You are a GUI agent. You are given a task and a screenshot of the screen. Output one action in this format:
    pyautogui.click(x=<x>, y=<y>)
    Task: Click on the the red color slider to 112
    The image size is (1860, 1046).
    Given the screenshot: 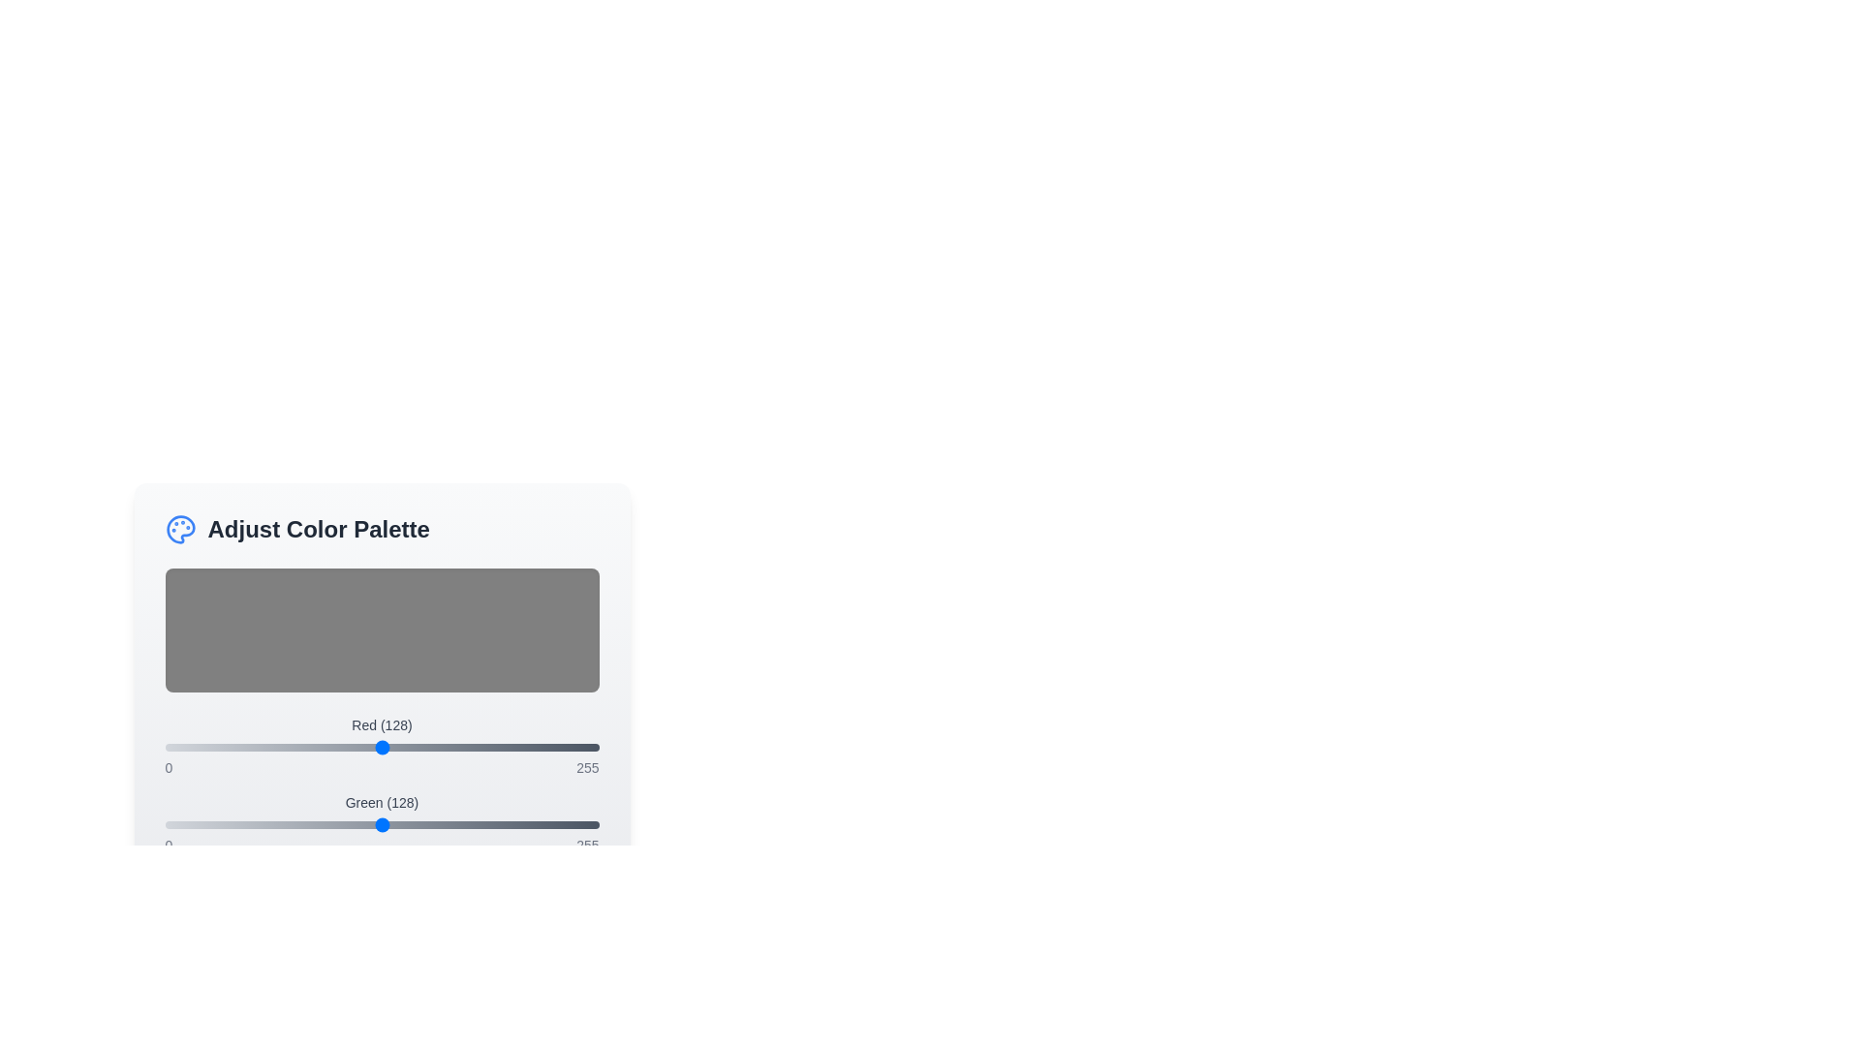 What is the action you would take?
    pyautogui.click(x=356, y=746)
    